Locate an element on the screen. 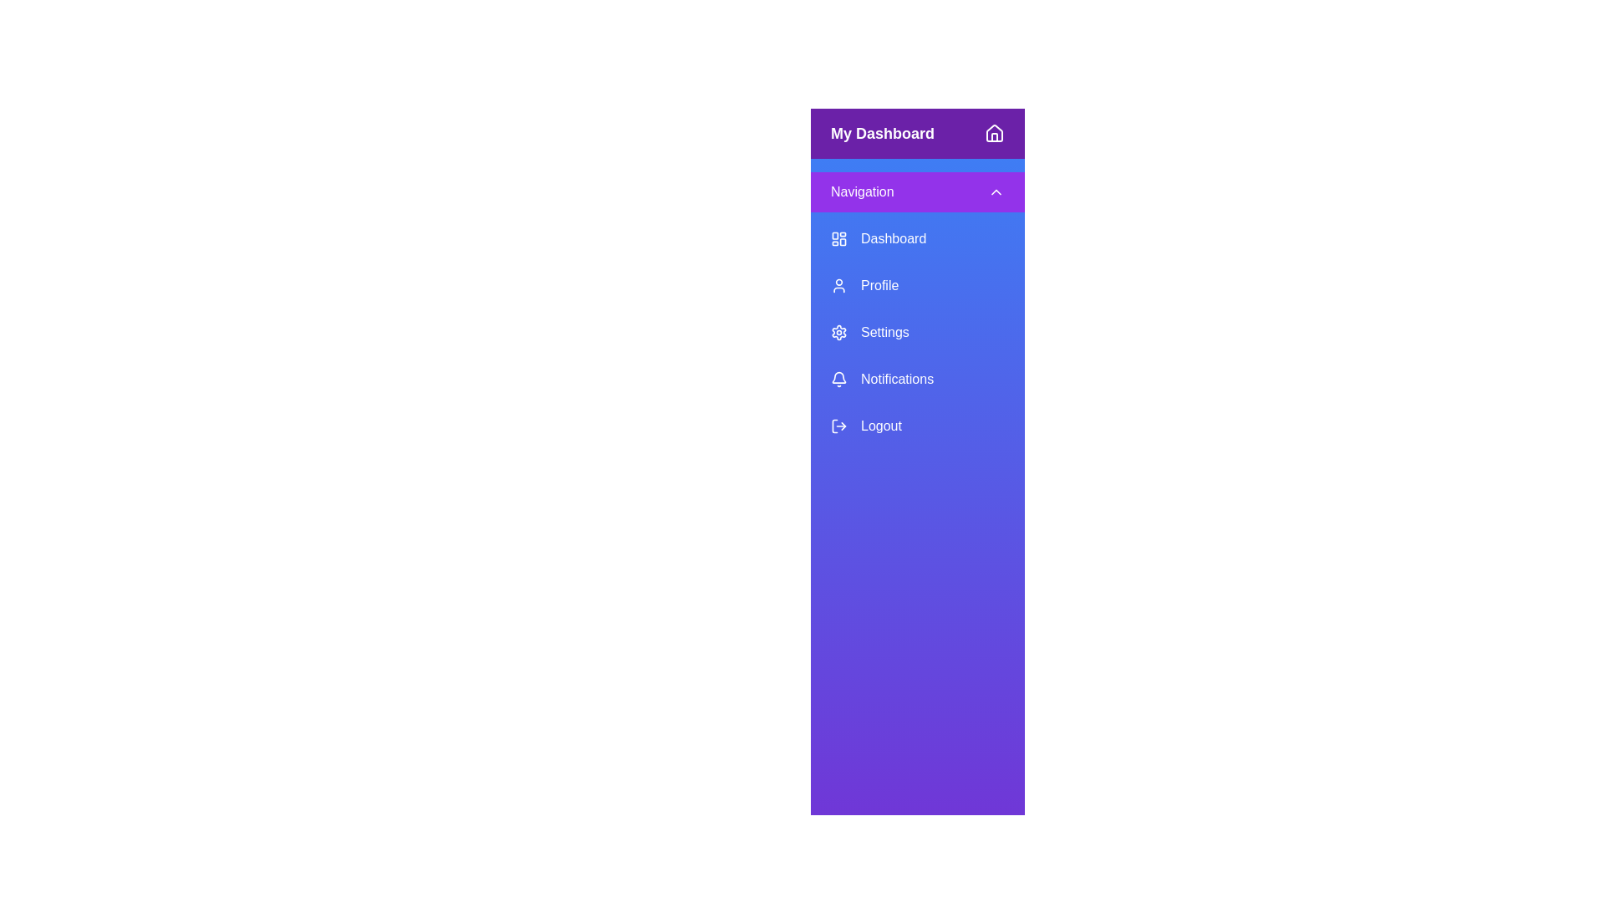 This screenshot has height=903, width=1605. the logout icon, which is a minimalistic arrow pointing outward from a door, located to the left of the 'Logout' text in the sidebar menu is located at coordinates (838, 425).